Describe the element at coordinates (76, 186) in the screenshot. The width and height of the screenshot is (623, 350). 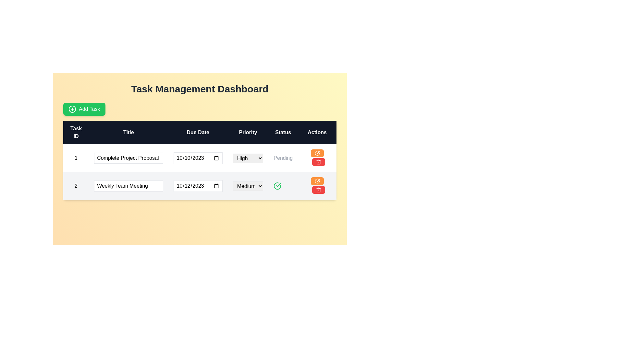
I see `the numeral '2' in the 'Task ID' column of the task management interface` at that location.